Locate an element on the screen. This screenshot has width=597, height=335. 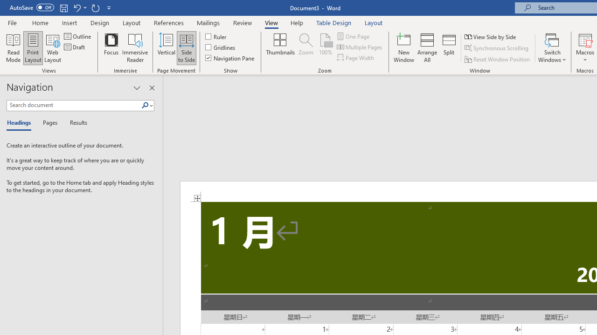
'Immersive Reader' is located at coordinates (134, 48).